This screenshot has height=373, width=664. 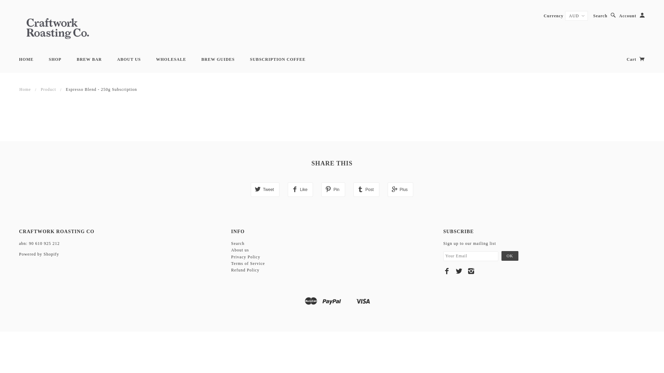 I want to click on 'Instagram', so click(x=471, y=271).